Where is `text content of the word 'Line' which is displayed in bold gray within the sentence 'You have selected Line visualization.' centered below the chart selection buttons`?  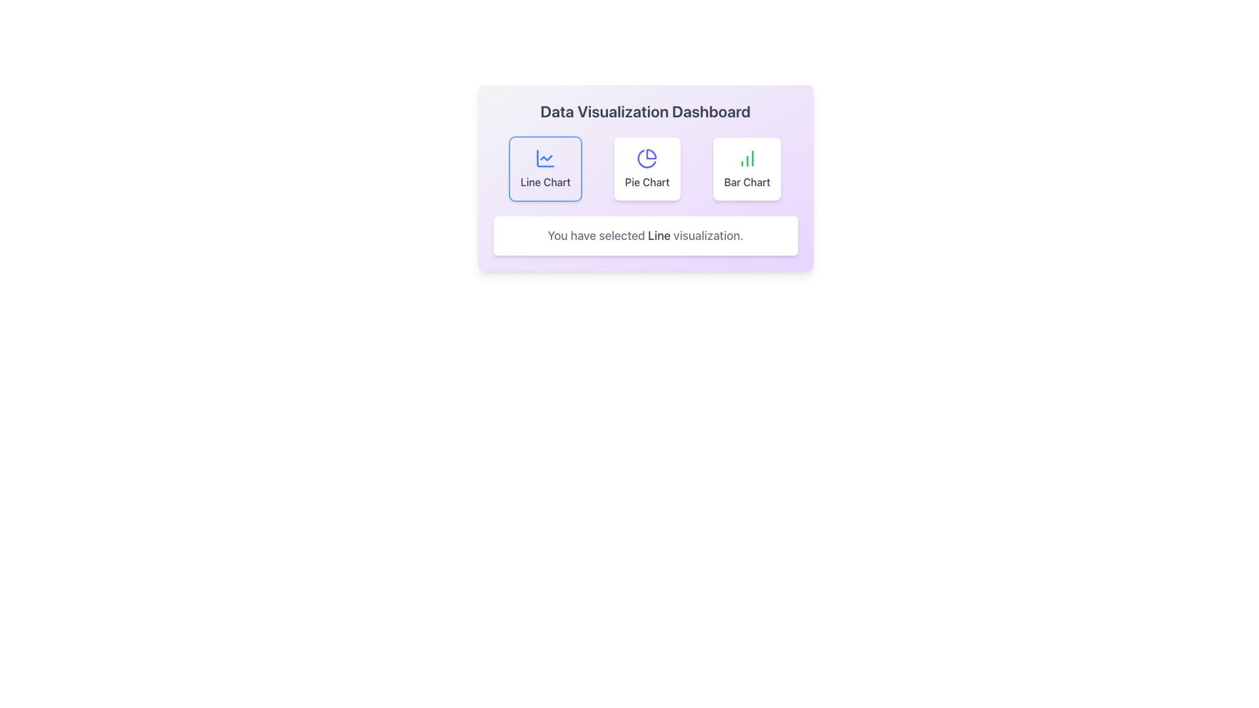 text content of the word 'Line' which is displayed in bold gray within the sentence 'You have selected Line visualization.' centered below the chart selection buttons is located at coordinates (659, 235).